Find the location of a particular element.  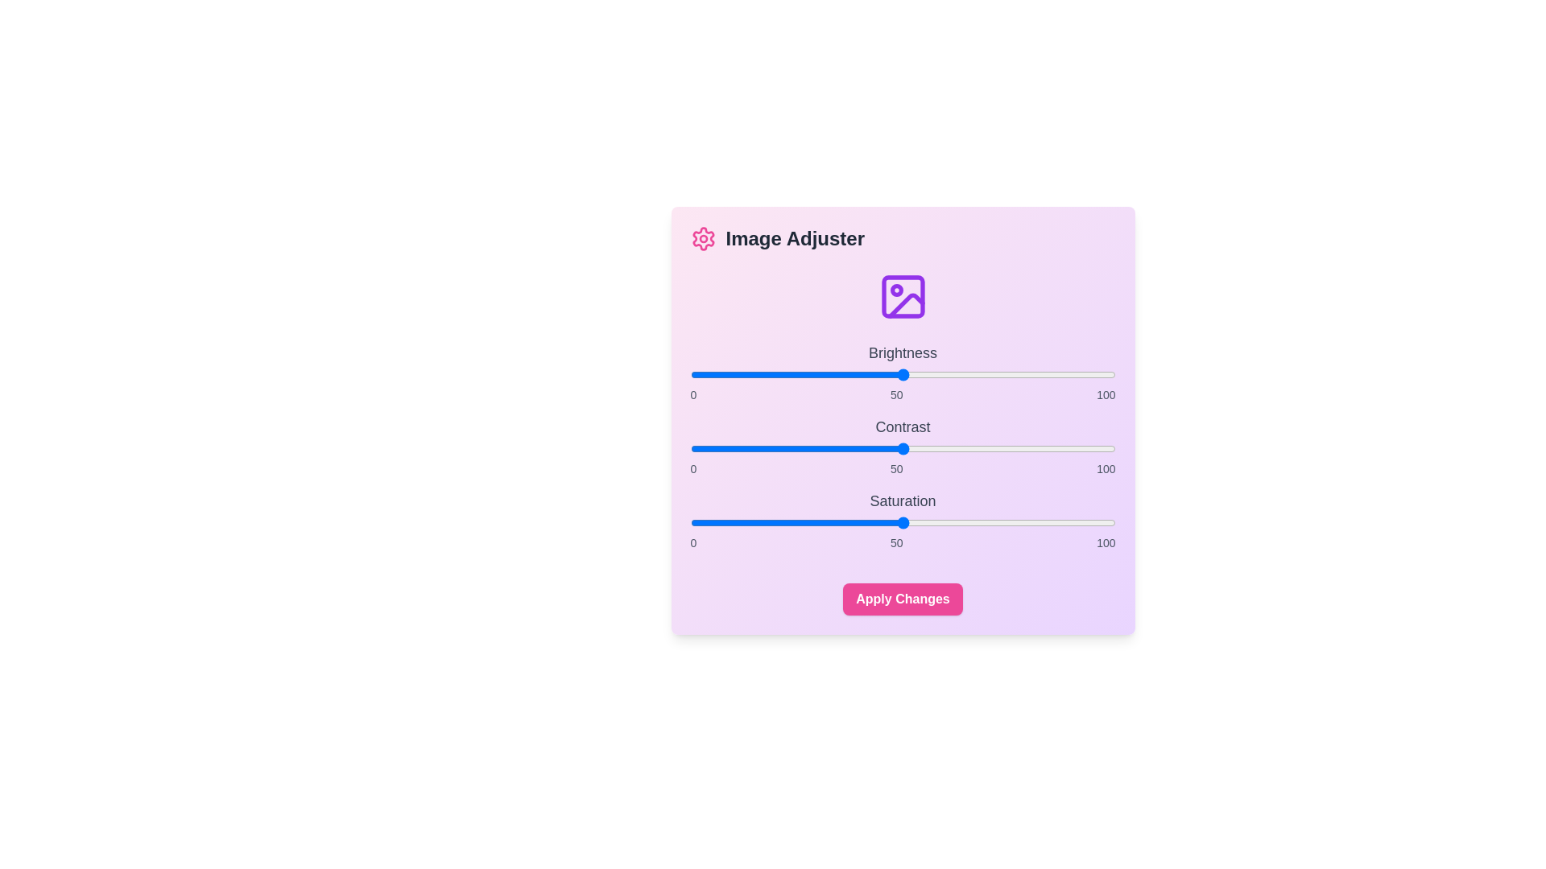

the image icon in the center of the component is located at coordinates (903, 297).